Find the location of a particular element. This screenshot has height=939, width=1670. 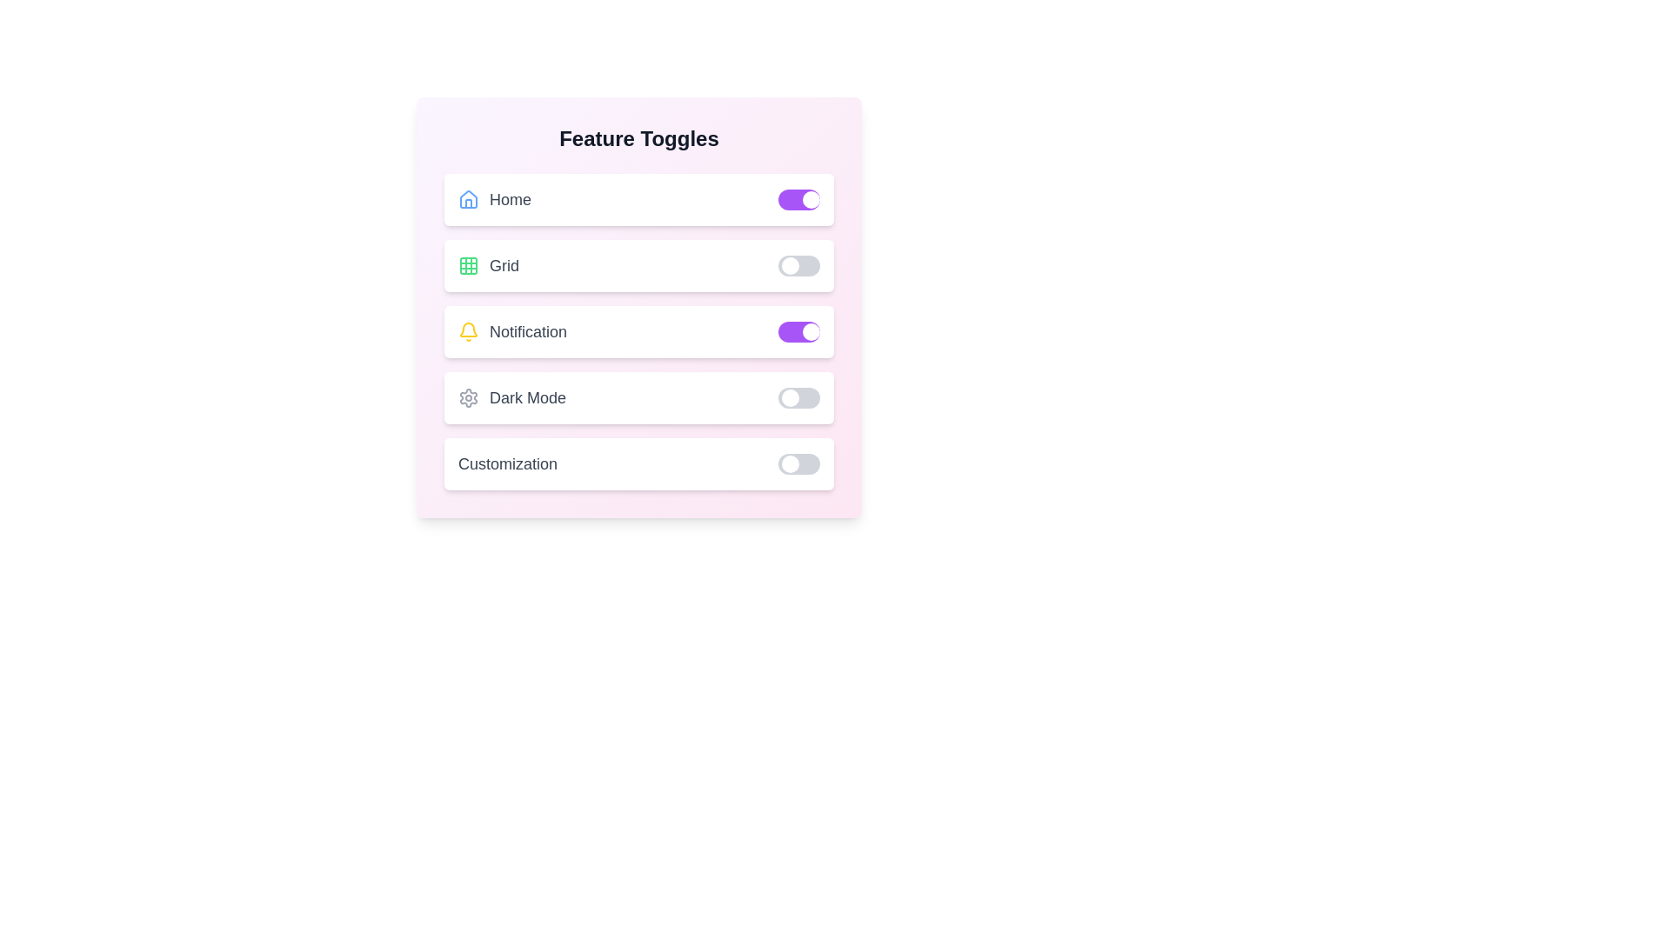

the text label that describes the grid functionality, located under the 'Home' option and aligned with the green grid icon is located at coordinates (504, 265).